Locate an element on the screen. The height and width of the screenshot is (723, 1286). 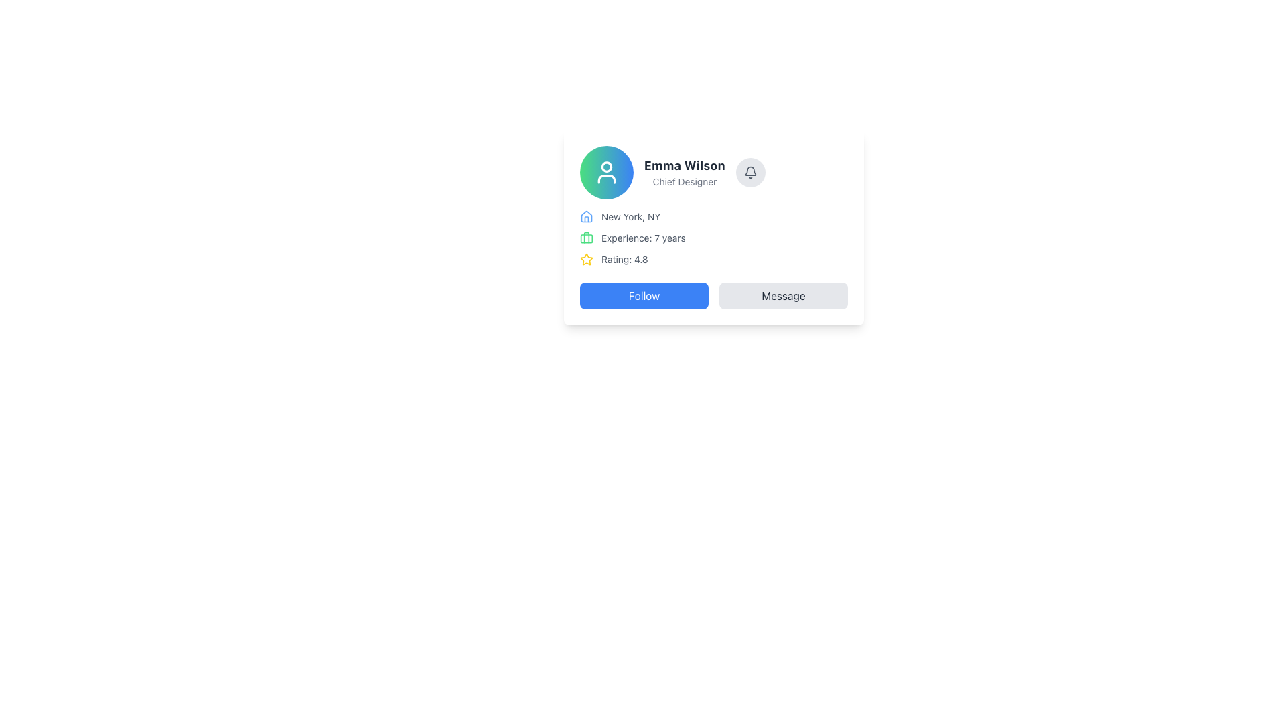
the text label 'Chief Designer' located below 'Emma Wilson' in the upper section of the profile card is located at coordinates (685, 182).